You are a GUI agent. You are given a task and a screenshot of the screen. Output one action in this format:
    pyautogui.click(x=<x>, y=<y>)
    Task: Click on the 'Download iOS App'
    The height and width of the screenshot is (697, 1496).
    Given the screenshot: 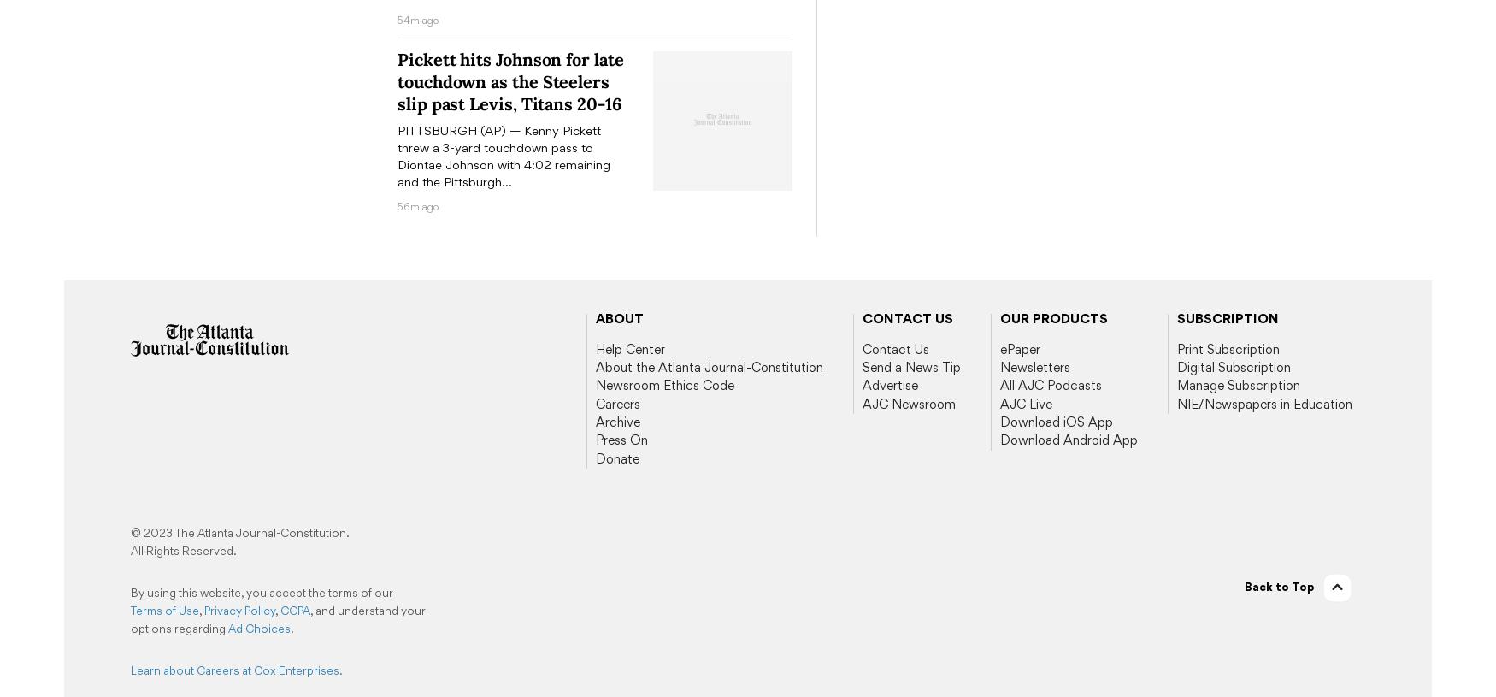 What is the action you would take?
    pyautogui.click(x=1057, y=421)
    